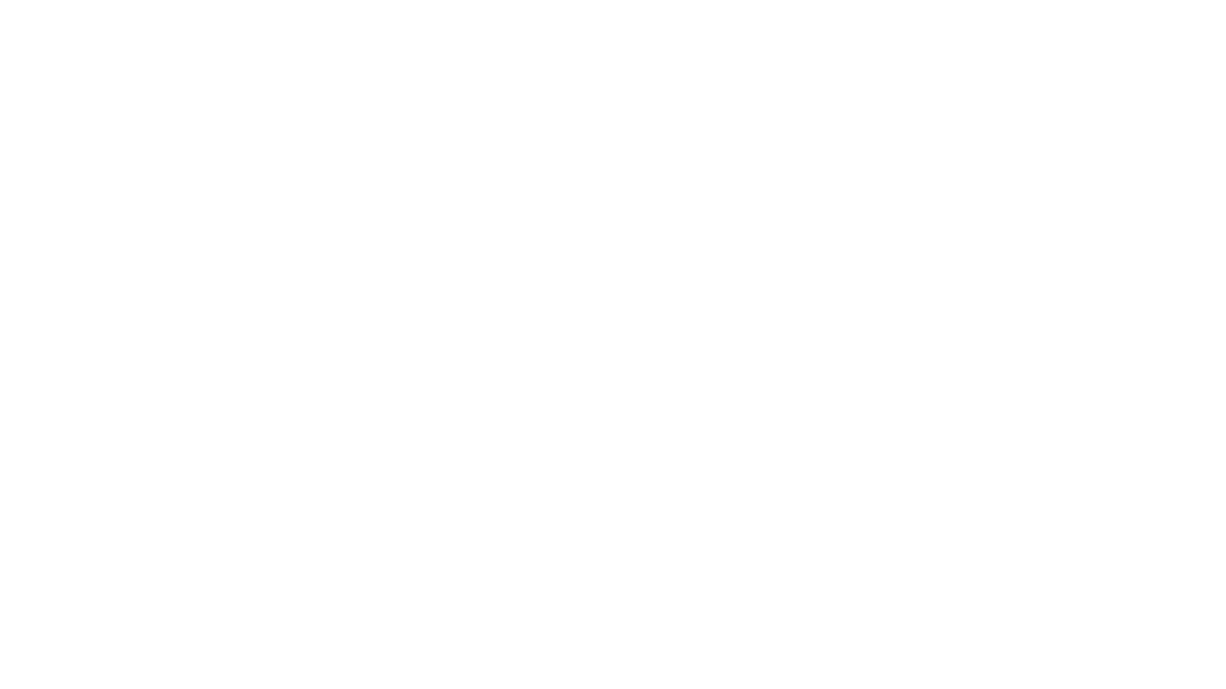 Image resolution: width=1226 pixels, height=689 pixels. I want to click on Equity / CapTable Management, so click(613, 273).